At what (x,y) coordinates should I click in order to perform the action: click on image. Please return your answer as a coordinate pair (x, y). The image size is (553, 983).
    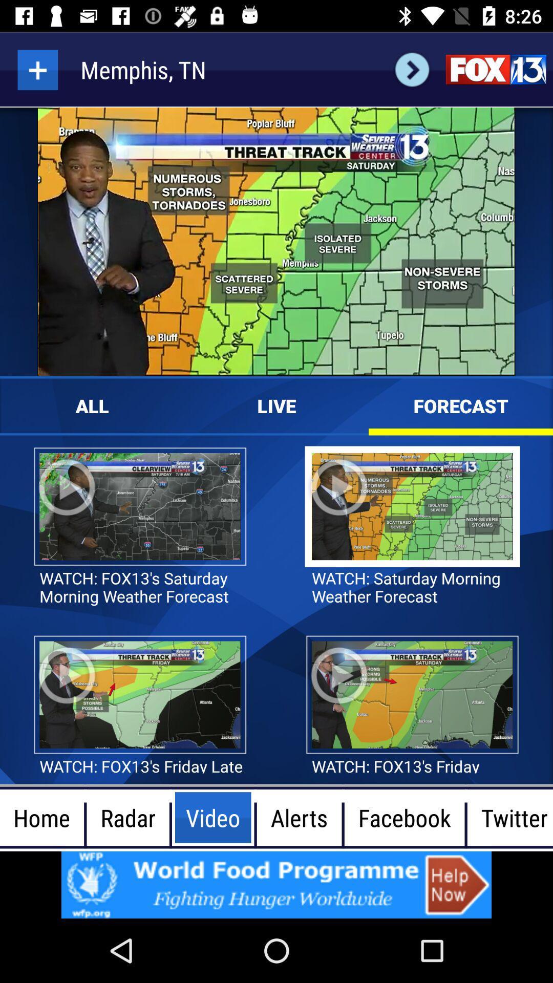
    Looking at the image, I should click on (276, 884).